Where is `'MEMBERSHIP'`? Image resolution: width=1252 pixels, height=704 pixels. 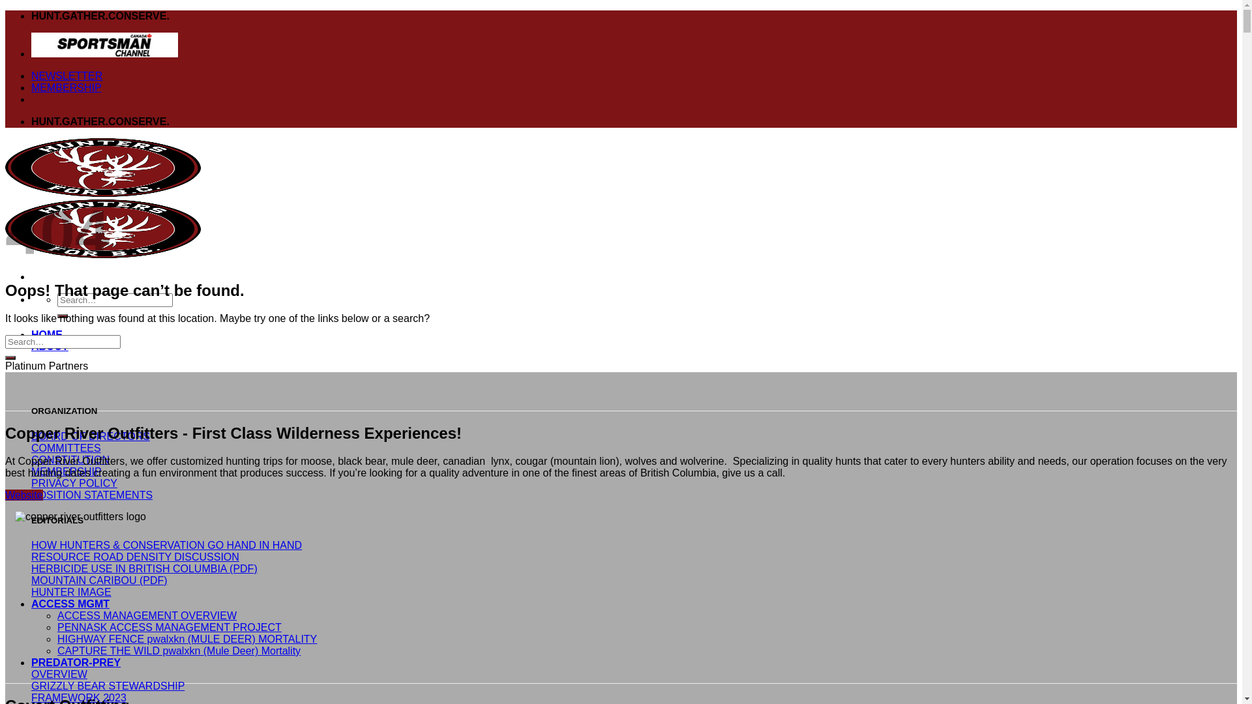
'MEMBERSHIP' is located at coordinates (65, 87).